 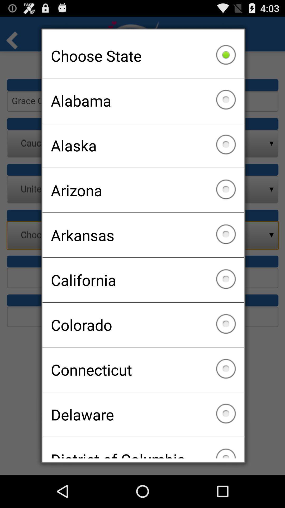 What do you see at coordinates (143, 369) in the screenshot?
I see `item below colorado icon` at bounding box center [143, 369].